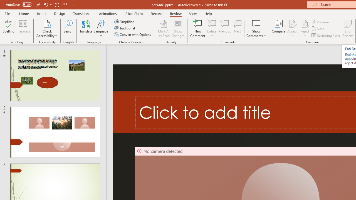 The image size is (356, 200). Describe the element at coordinates (178, 29) in the screenshot. I see `'Show Changes'` at that location.